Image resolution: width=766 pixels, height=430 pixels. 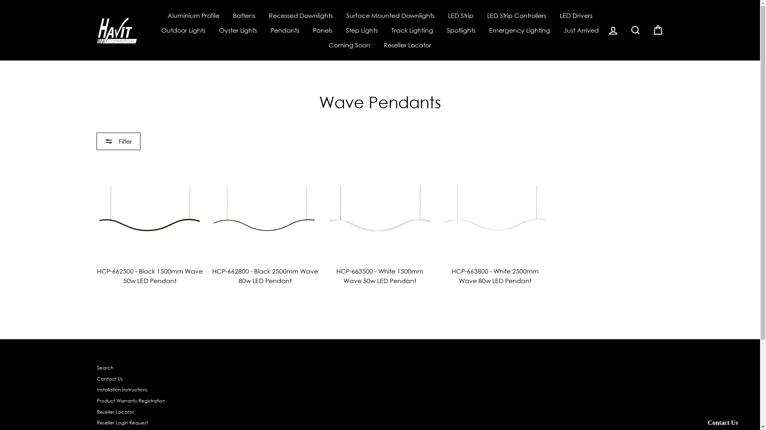 I want to click on 'Filter', so click(x=96, y=141).